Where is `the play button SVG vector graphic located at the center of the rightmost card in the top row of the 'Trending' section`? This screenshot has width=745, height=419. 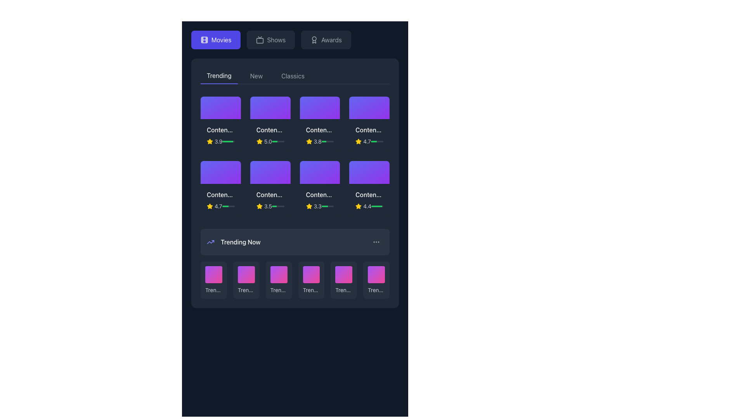
the play button SVG vector graphic located at the center of the rightmost card in the top row of the 'Trending' section is located at coordinates (370, 108).